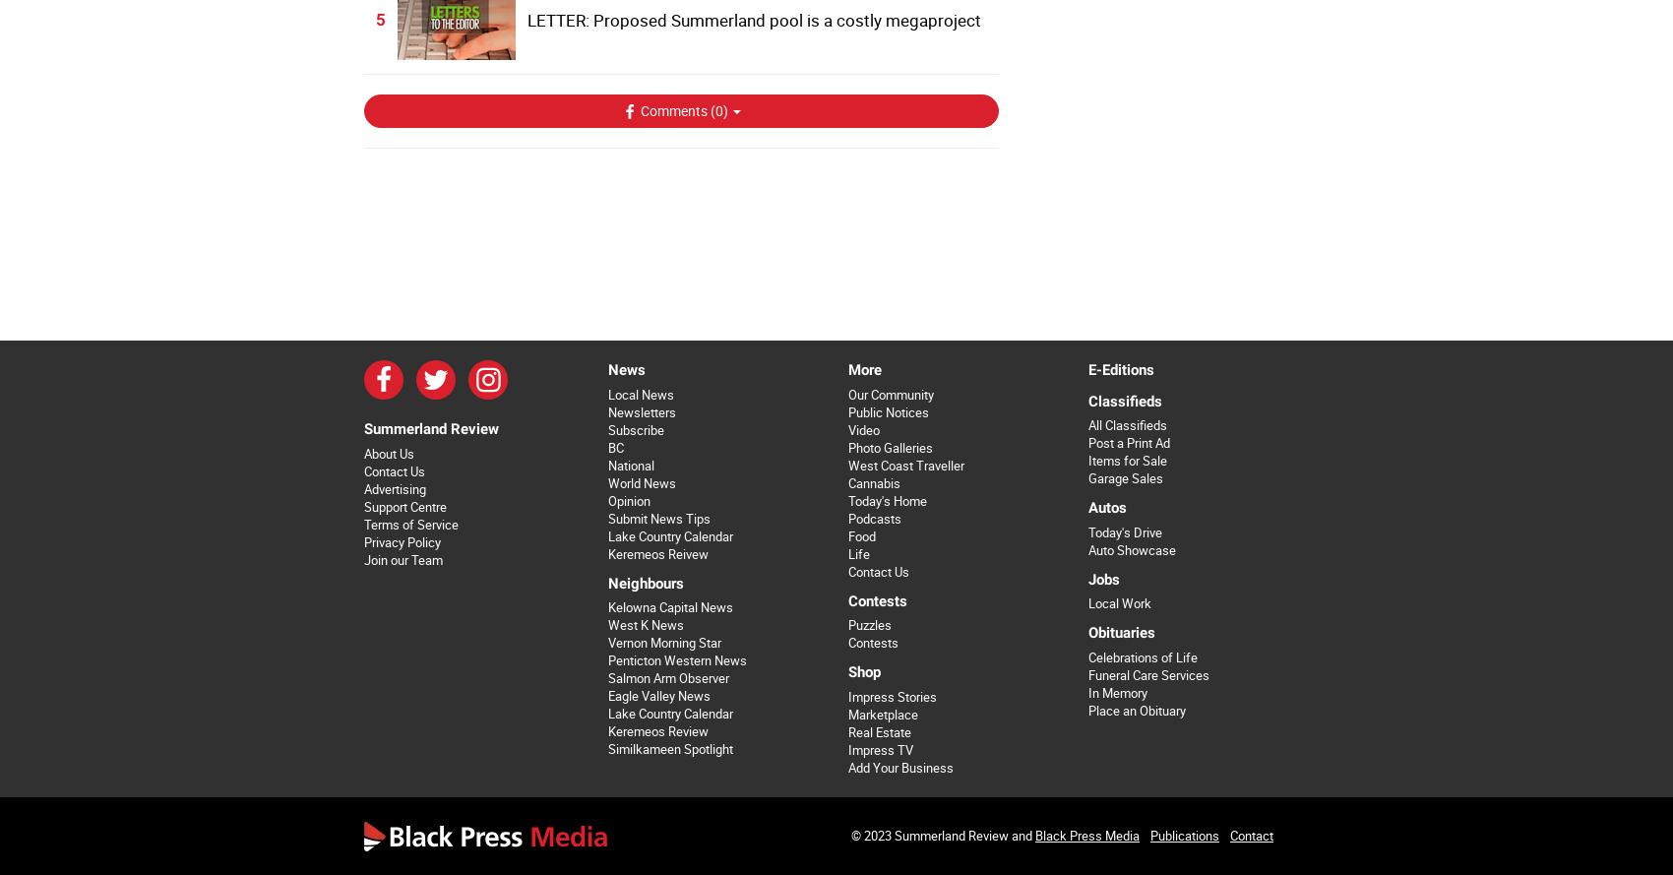 This screenshot has width=1673, height=875. I want to click on 'Subscribe', so click(635, 429).